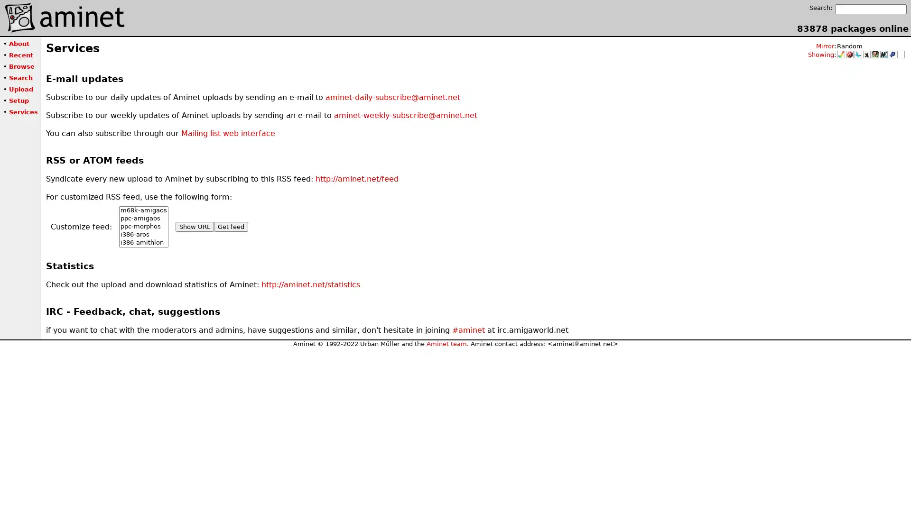 This screenshot has width=911, height=512. What do you see at coordinates (231, 227) in the screenshot?
I see `Get feed` at bounding box center [231, 227].